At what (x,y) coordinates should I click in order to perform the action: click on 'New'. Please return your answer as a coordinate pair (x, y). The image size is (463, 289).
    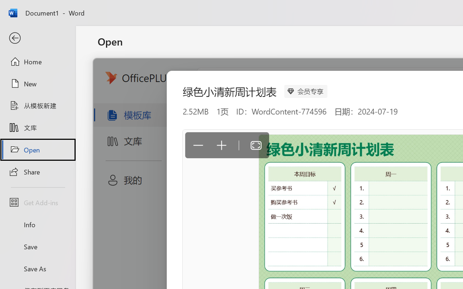
    Looking at the image, I should click on (37, 83).